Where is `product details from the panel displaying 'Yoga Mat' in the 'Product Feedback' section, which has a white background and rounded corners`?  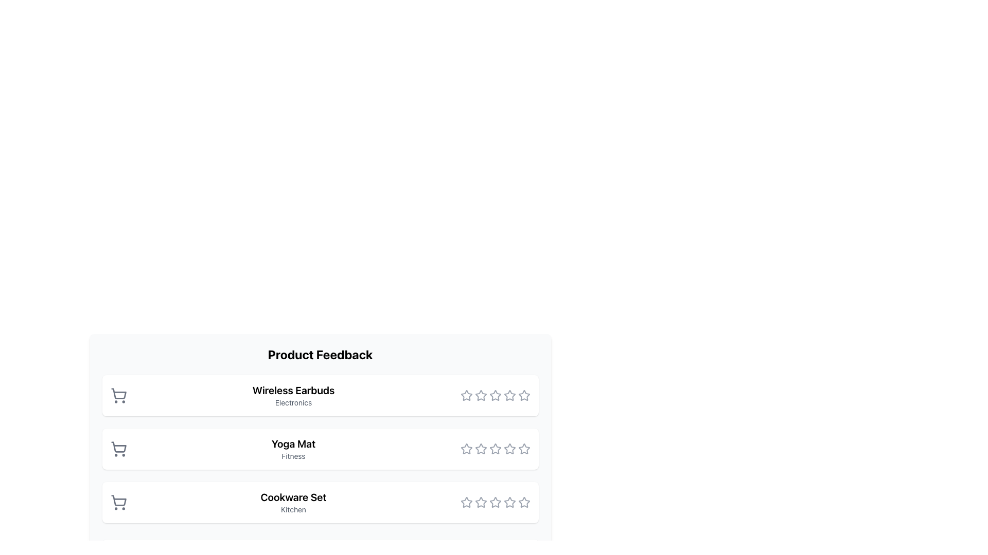 product details from the panel displaying 'Yoga Mat' in the 'Product Feedback' section, which has a white background and rounded corners is located at coordinates (320, 449).